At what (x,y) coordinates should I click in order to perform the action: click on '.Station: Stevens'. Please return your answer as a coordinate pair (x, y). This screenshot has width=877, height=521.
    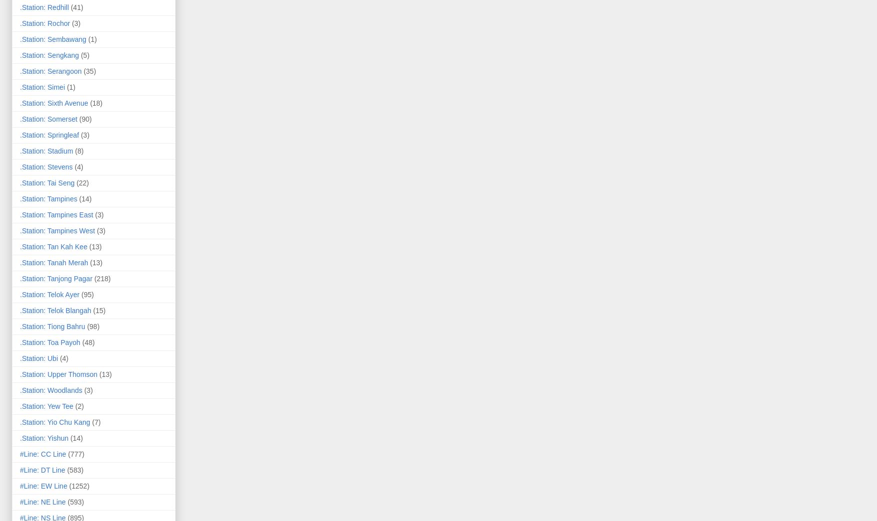
    Looking at the image, I should click on (46, 166).